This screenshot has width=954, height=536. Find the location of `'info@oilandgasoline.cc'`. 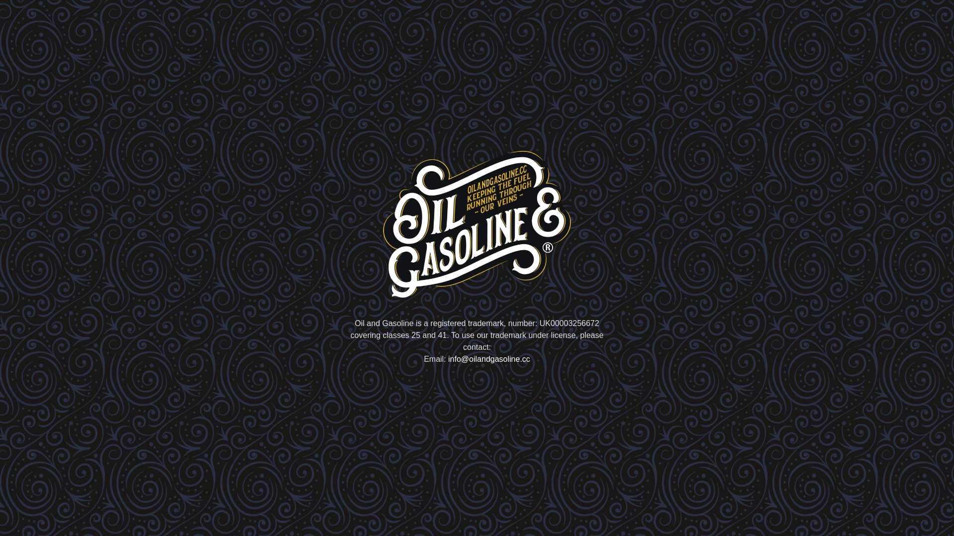

'info@oilandgasoline.cc' is located at coordinates (448, 359).